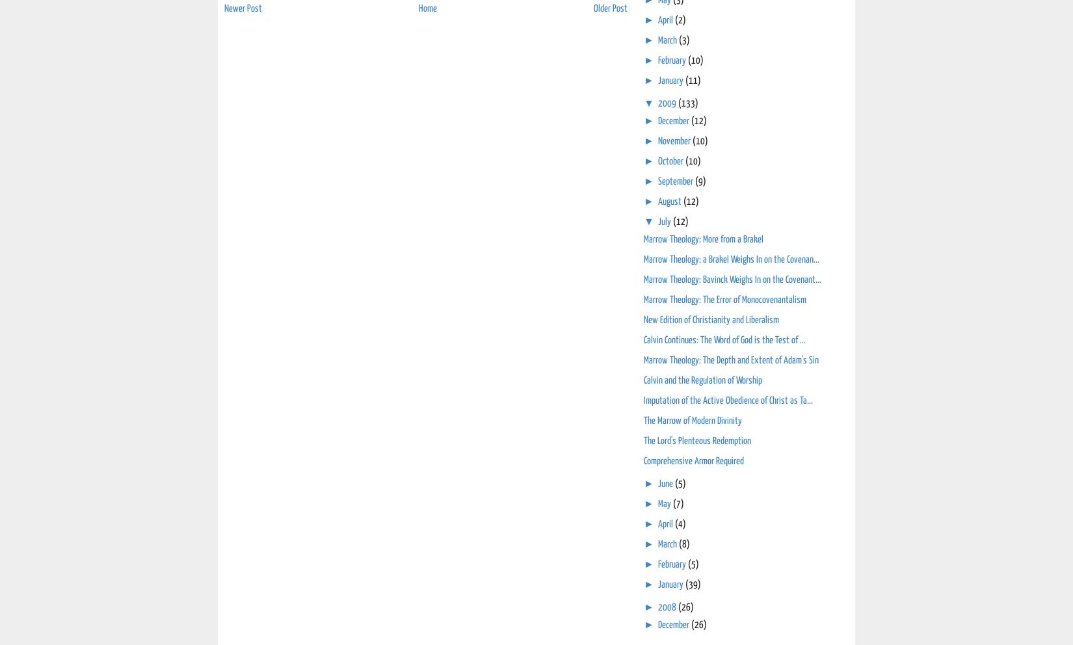  Describe the element at coordinates (694, 460) in the screenshot. I see `'Comprehensive Armor Required'` at that location.